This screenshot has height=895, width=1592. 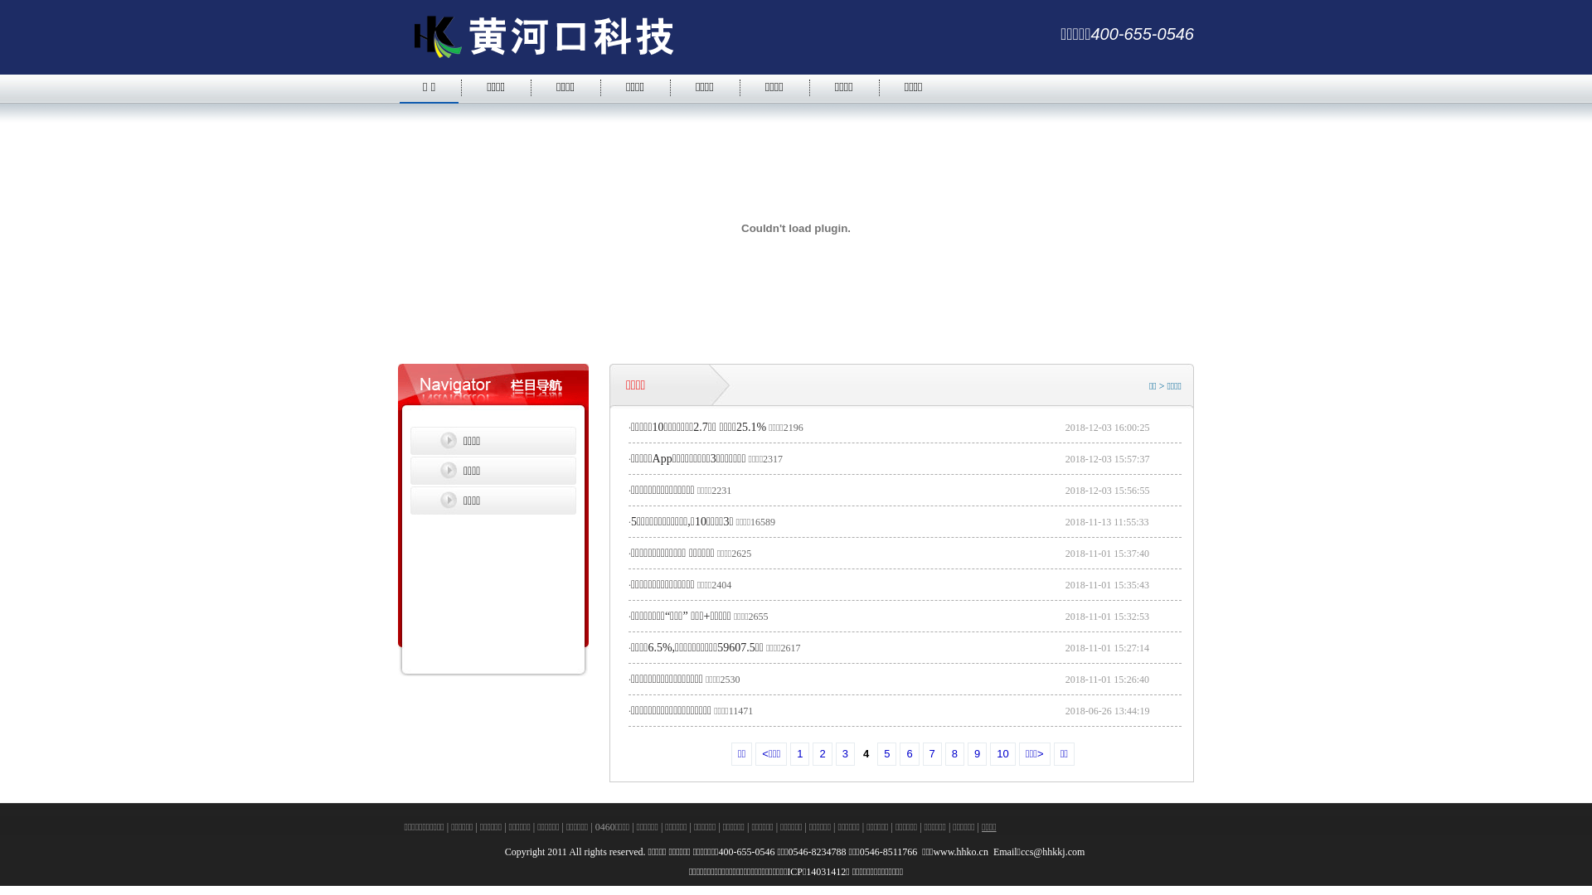 What do you see at coordinates (954, 754) in the screenshot?
I see `'8'` at bounding box center [954, 754].